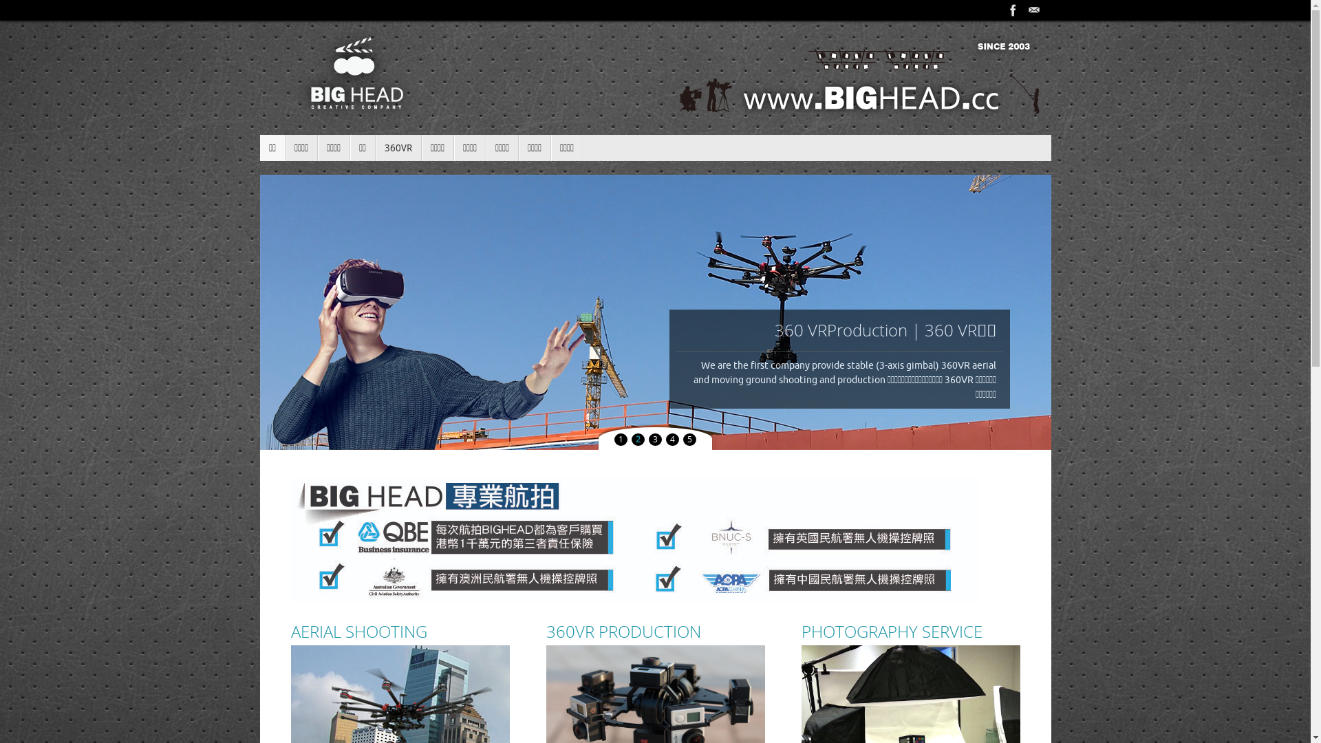 This screenshot has width=1321, height=743. Describe the element at coordinates (620, 440) in the screenshot. I see `'1'` at that location.